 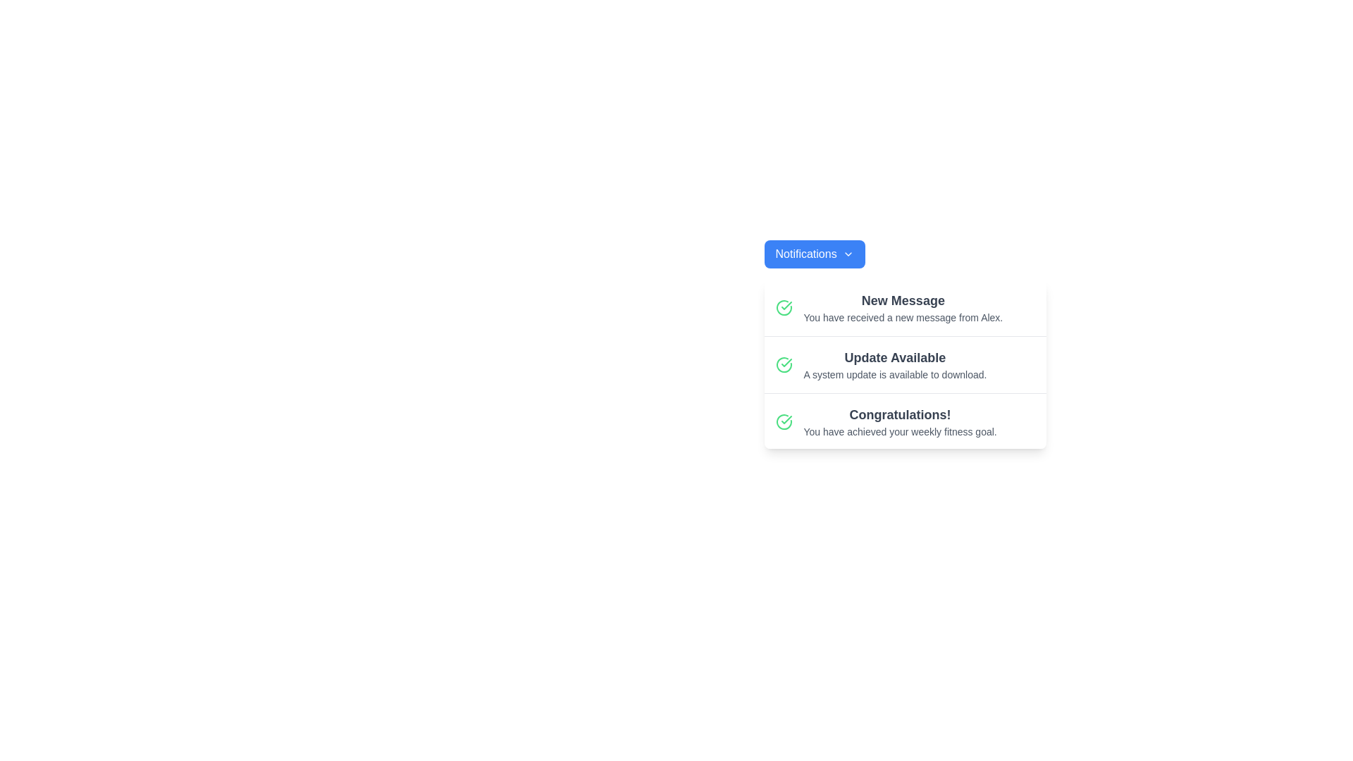 I want to click on the downward-pointing chevron icon that indicates a dropdown menu, located at the rightmost position within the blue 'Notifications' button, so click(x=847, y=254).